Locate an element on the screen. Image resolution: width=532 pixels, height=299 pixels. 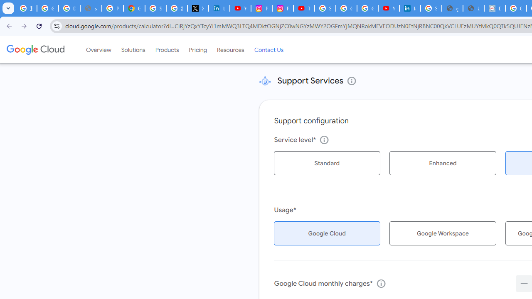
'Data Privacy Framework' is located at coordinates (495, 8).